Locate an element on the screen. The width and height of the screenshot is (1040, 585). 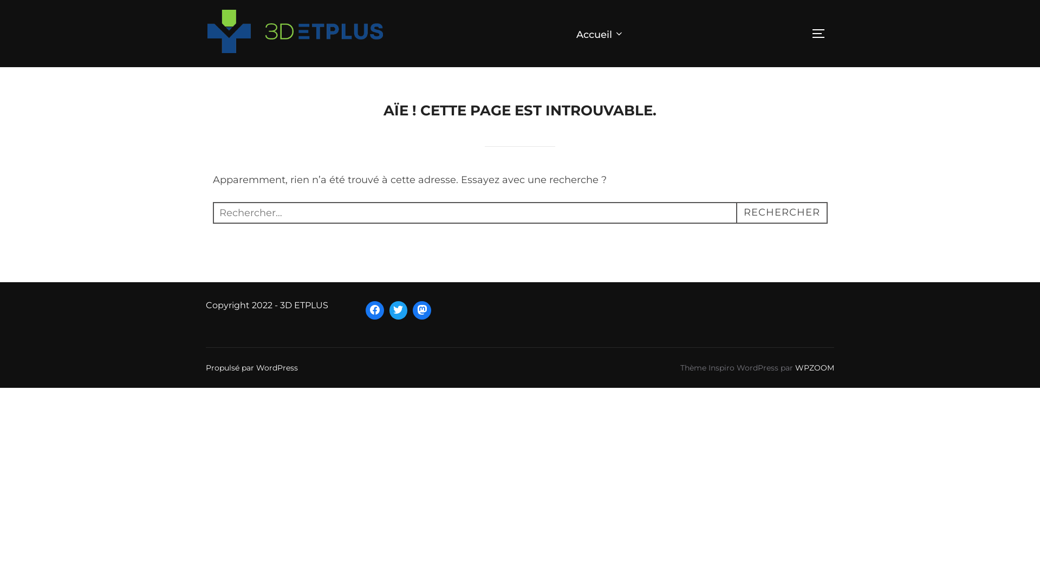
'RECHERCHER' is located at coordinates (781, 213).